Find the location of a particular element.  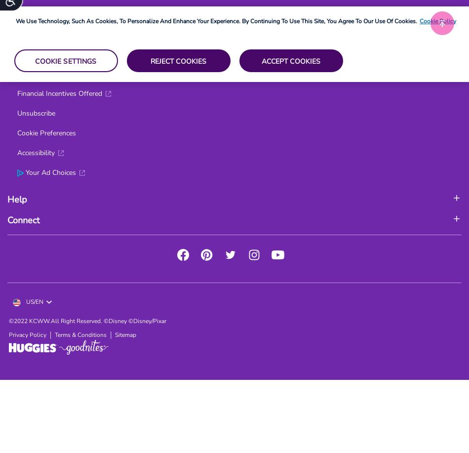

'Sitemap' is located at coordinates (115, 335).